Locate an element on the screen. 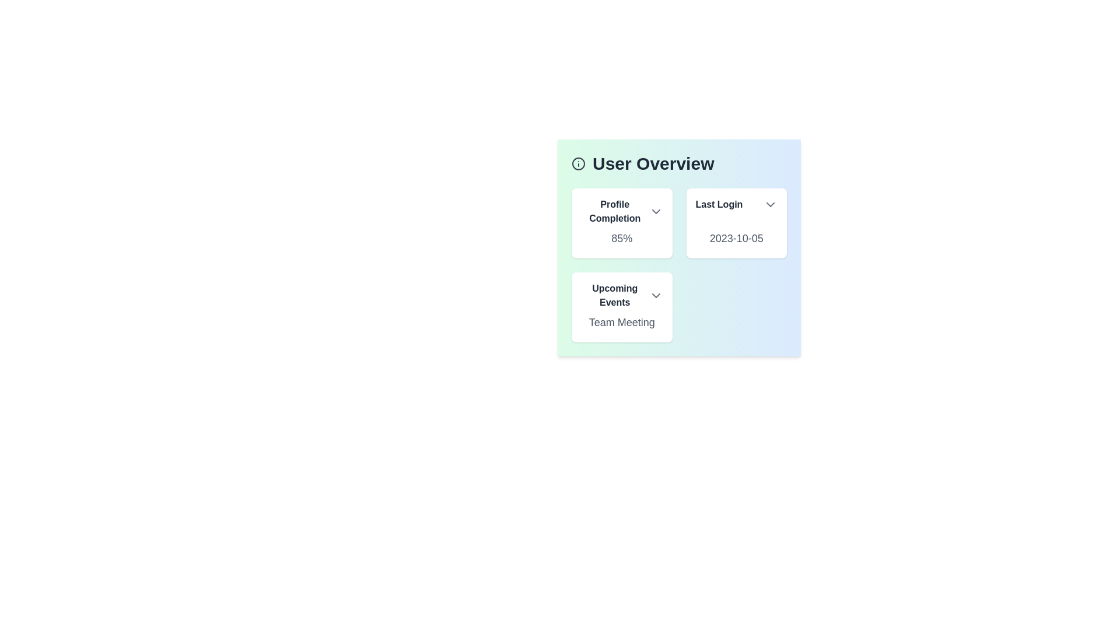 This screenshot has width=1120, height=630. the Informational card that displays the last login date of the user, positioned in the second column of the grid layout is located at coordinates (736, 223).